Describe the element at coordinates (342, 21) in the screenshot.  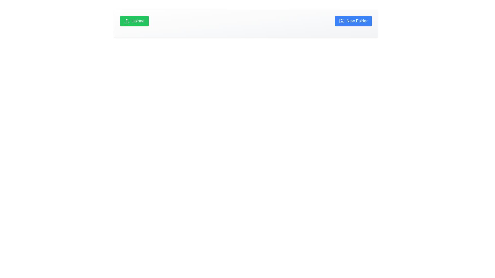
I see `the blue folder icon located within the 'New Folder' button, which is the left-most component of the button's contents` at that location.